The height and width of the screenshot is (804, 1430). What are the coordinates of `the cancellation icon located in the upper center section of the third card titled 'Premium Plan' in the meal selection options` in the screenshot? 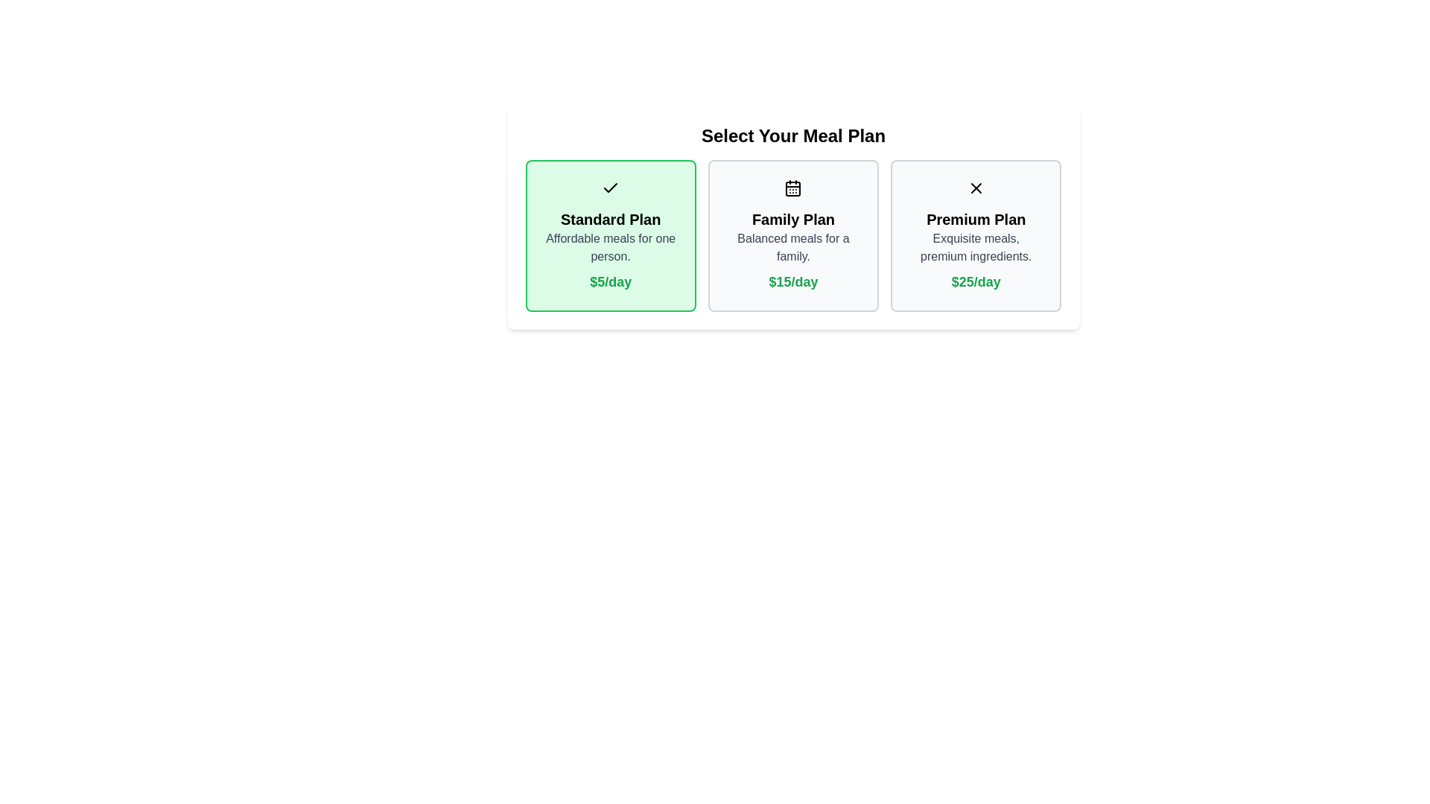 It's located at (976, 188).